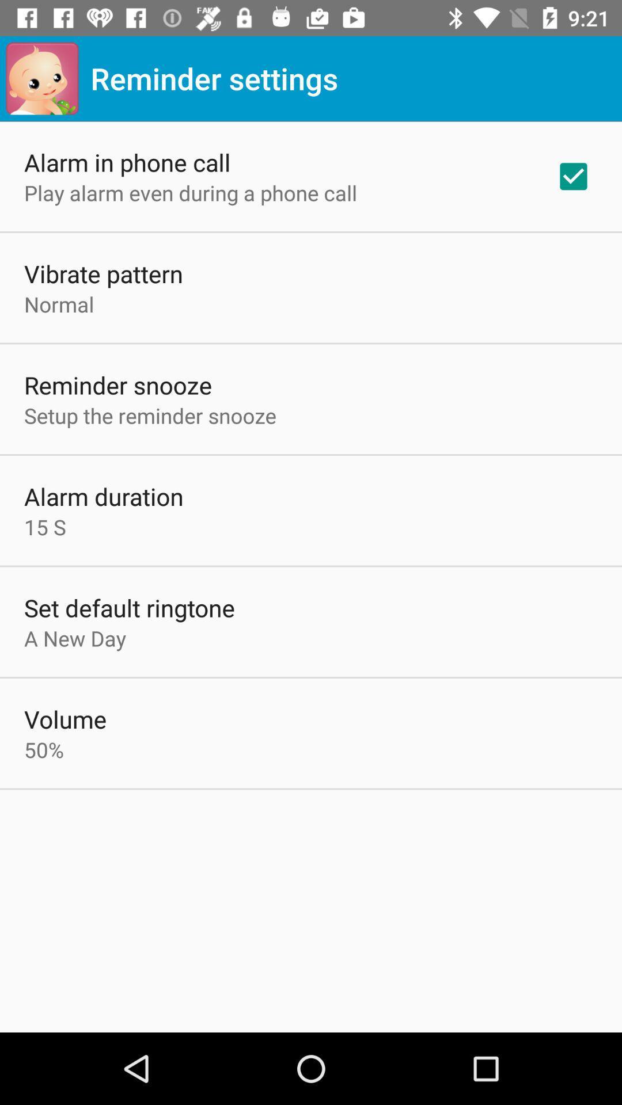 This screenshot has height=1105, width=622. I want to click on a new day item, so click(75, 638).